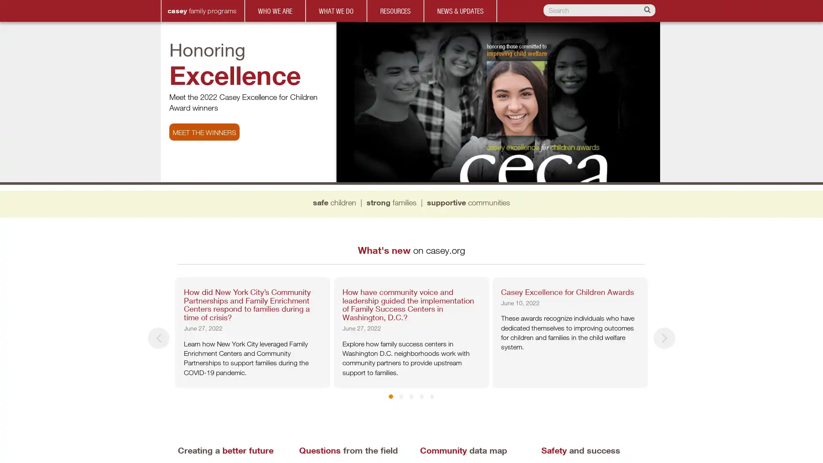 The image size is (823, 463). I want to click on MEET THE WINNERS, so click(204, 132).